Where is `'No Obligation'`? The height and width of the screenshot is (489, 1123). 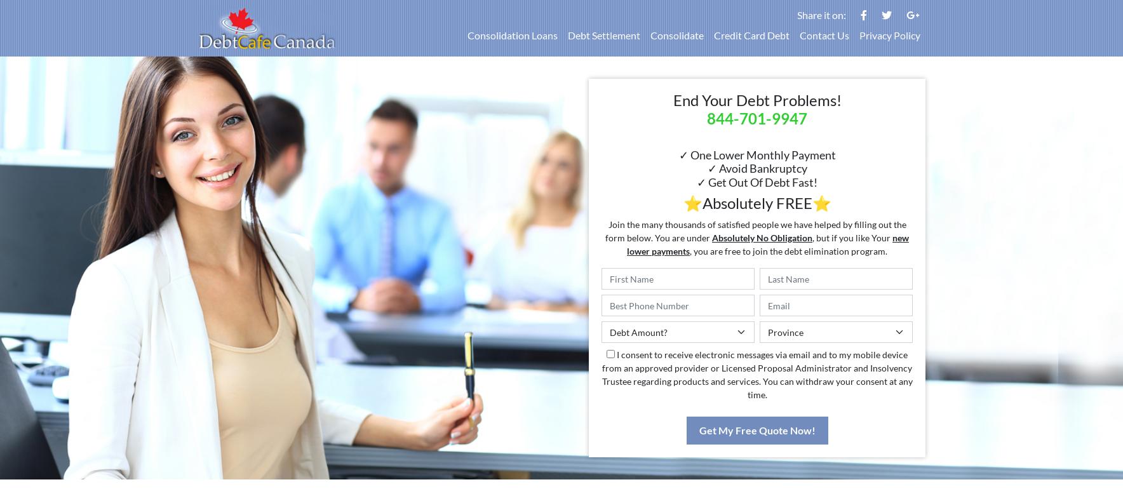
'No Obligation' is located at coordinates (255, 444).